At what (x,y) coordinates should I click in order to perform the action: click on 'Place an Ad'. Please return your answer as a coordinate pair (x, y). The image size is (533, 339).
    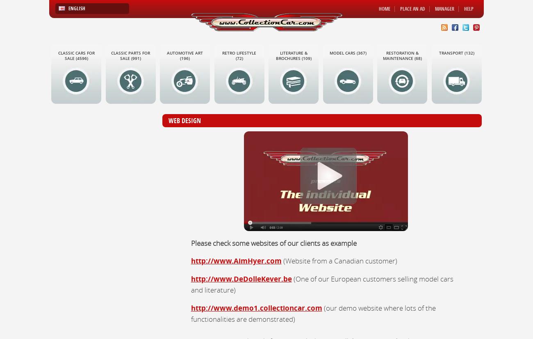
    Looking at the image, I should click on (412, 9).